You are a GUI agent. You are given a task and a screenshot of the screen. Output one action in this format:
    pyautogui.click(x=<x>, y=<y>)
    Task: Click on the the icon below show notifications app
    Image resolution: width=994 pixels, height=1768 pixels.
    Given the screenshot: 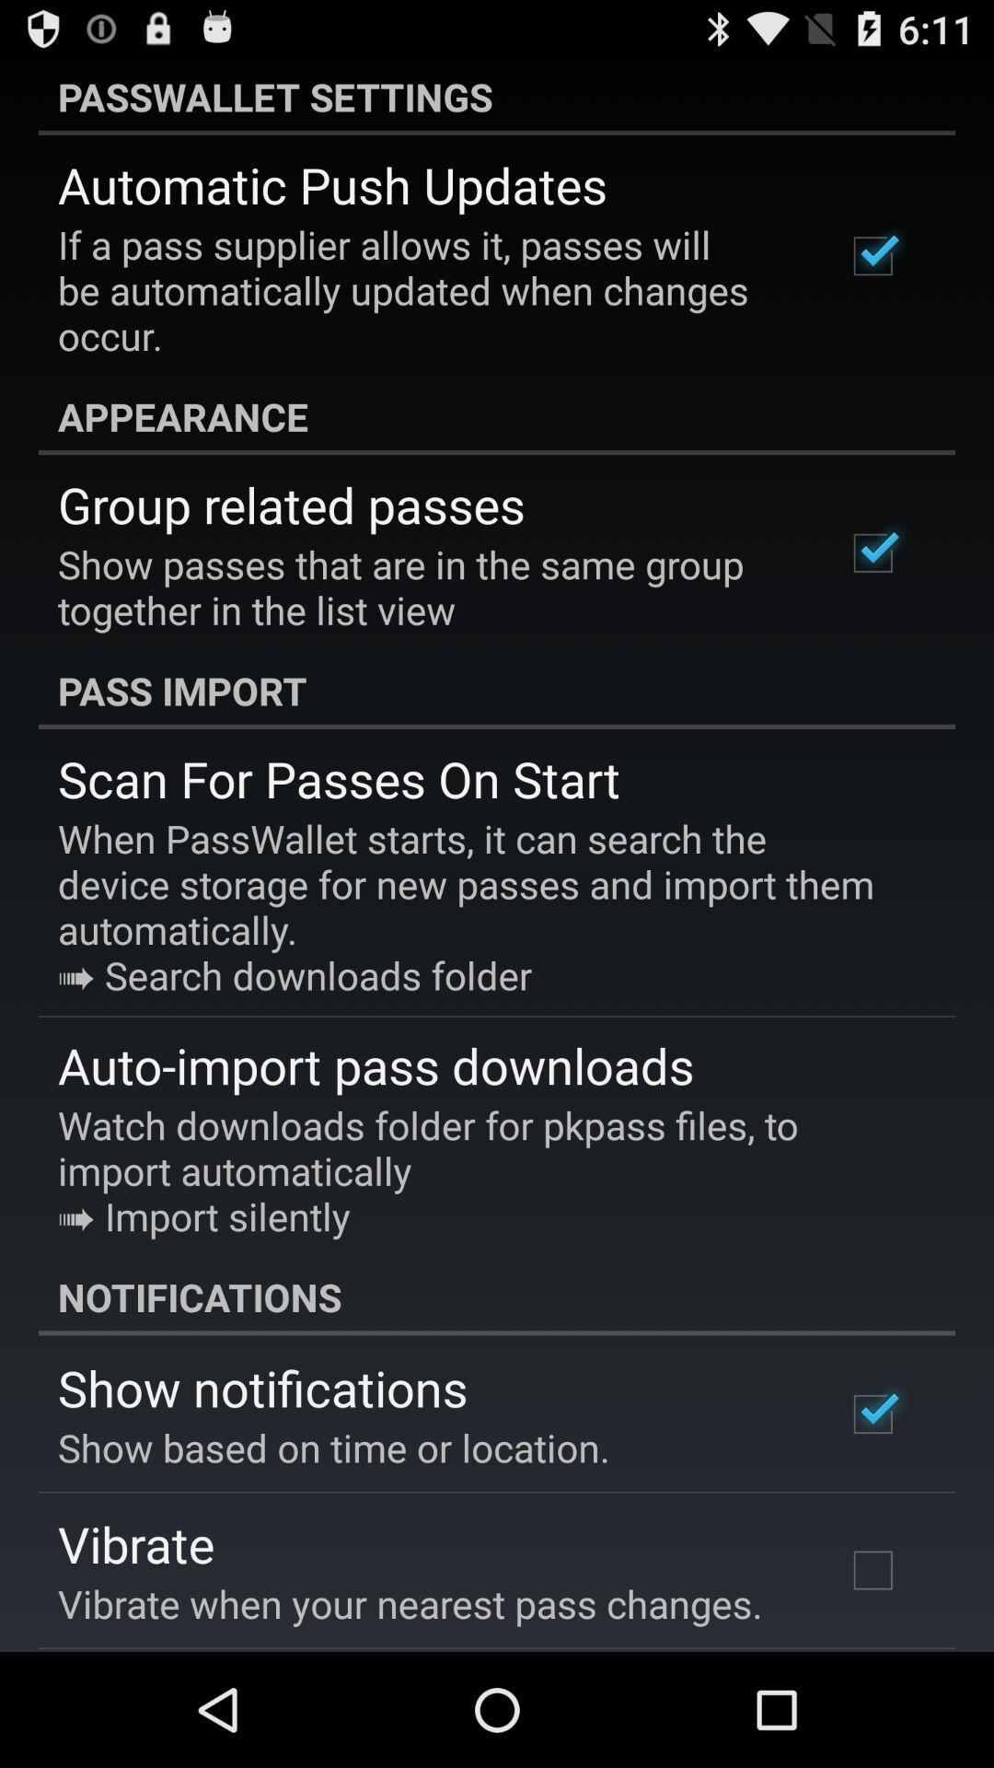 What is the action you would take?
    pyautogui.click(x=333, y=1446)
    